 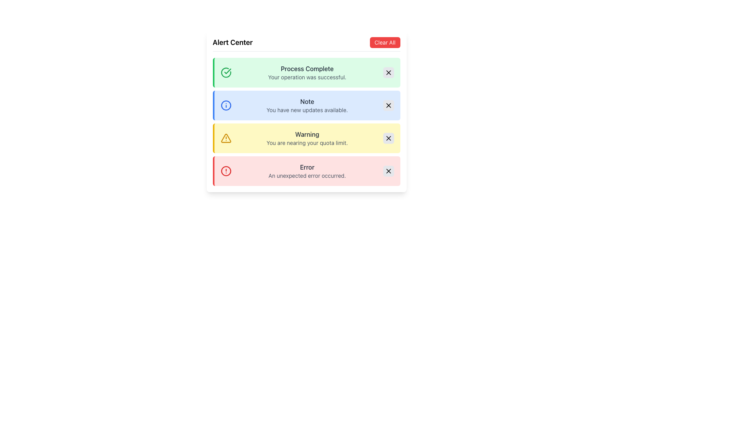 What do you see at coordinates (388, 171) in the screenshot?
I see `the close button in the top-right corner of the error alert to observe its hover effects` at bounding box center [388, 171].